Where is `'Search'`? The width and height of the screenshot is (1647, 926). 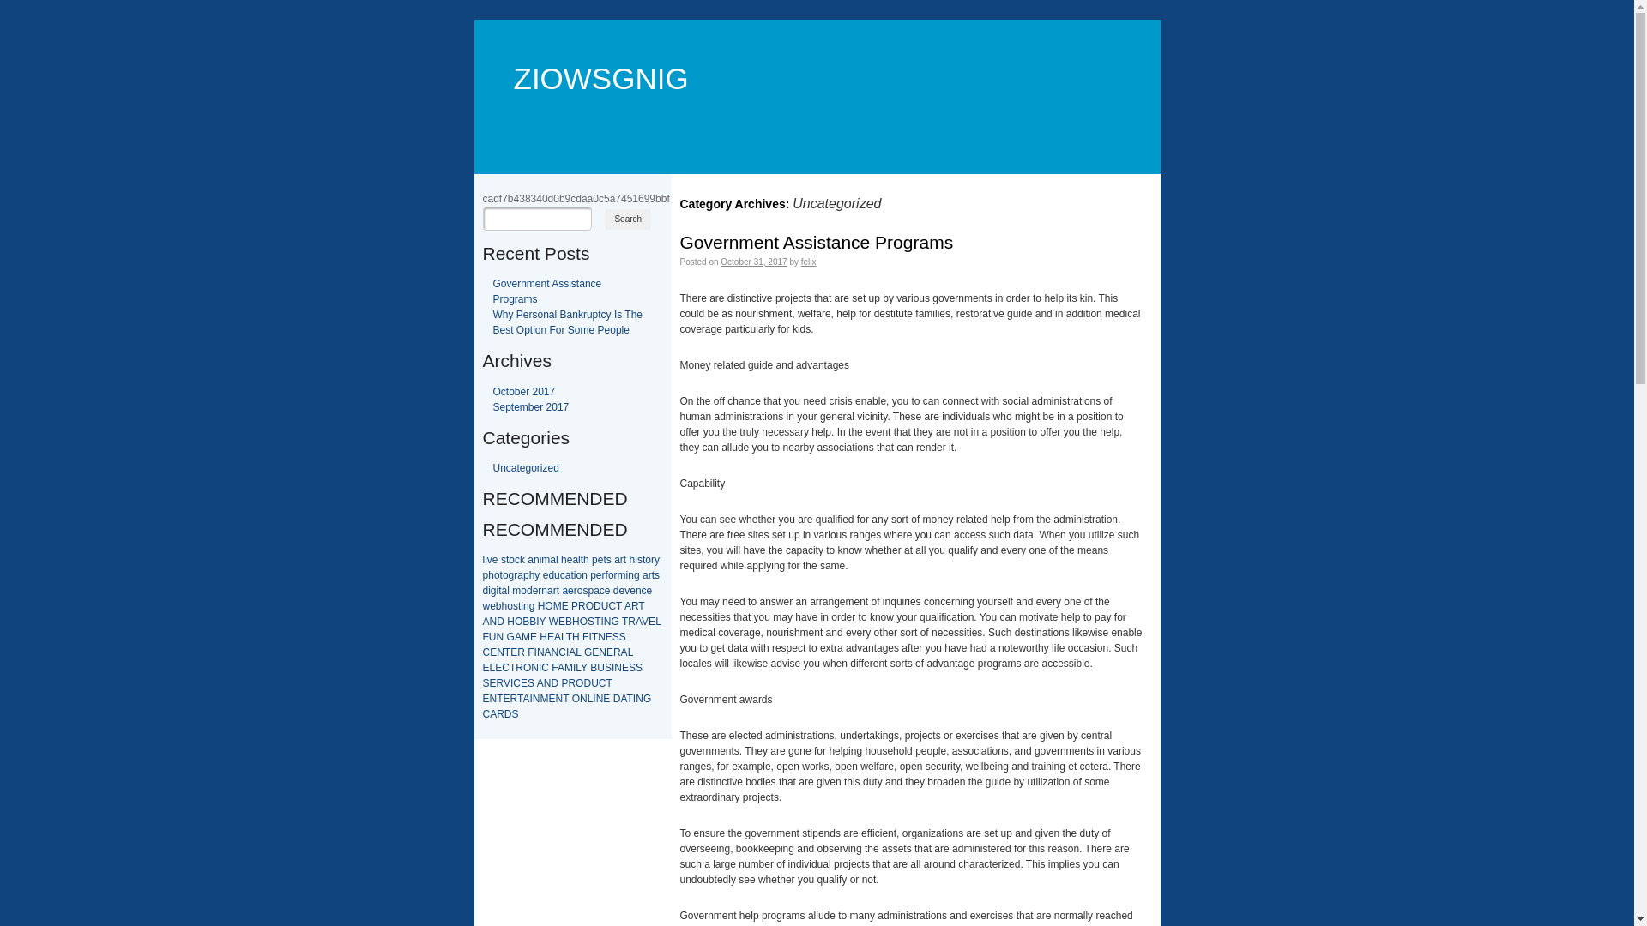 'Search' is located at coordinates (626, 218).